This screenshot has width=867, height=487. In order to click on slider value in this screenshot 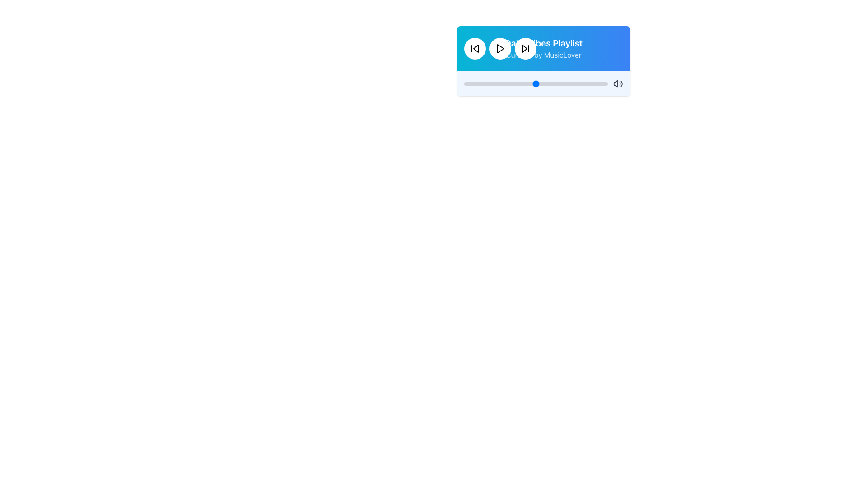, I will do `click(573, 83)`.